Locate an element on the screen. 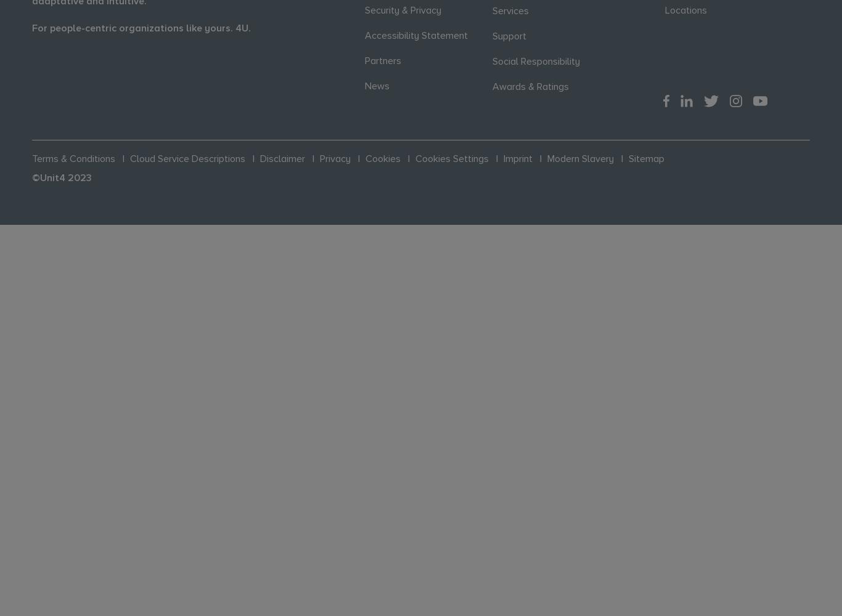 Image resolution: width=842 pixels, height=616 pixels. 'Cookies Settings' is located at coordinates (452, 158).